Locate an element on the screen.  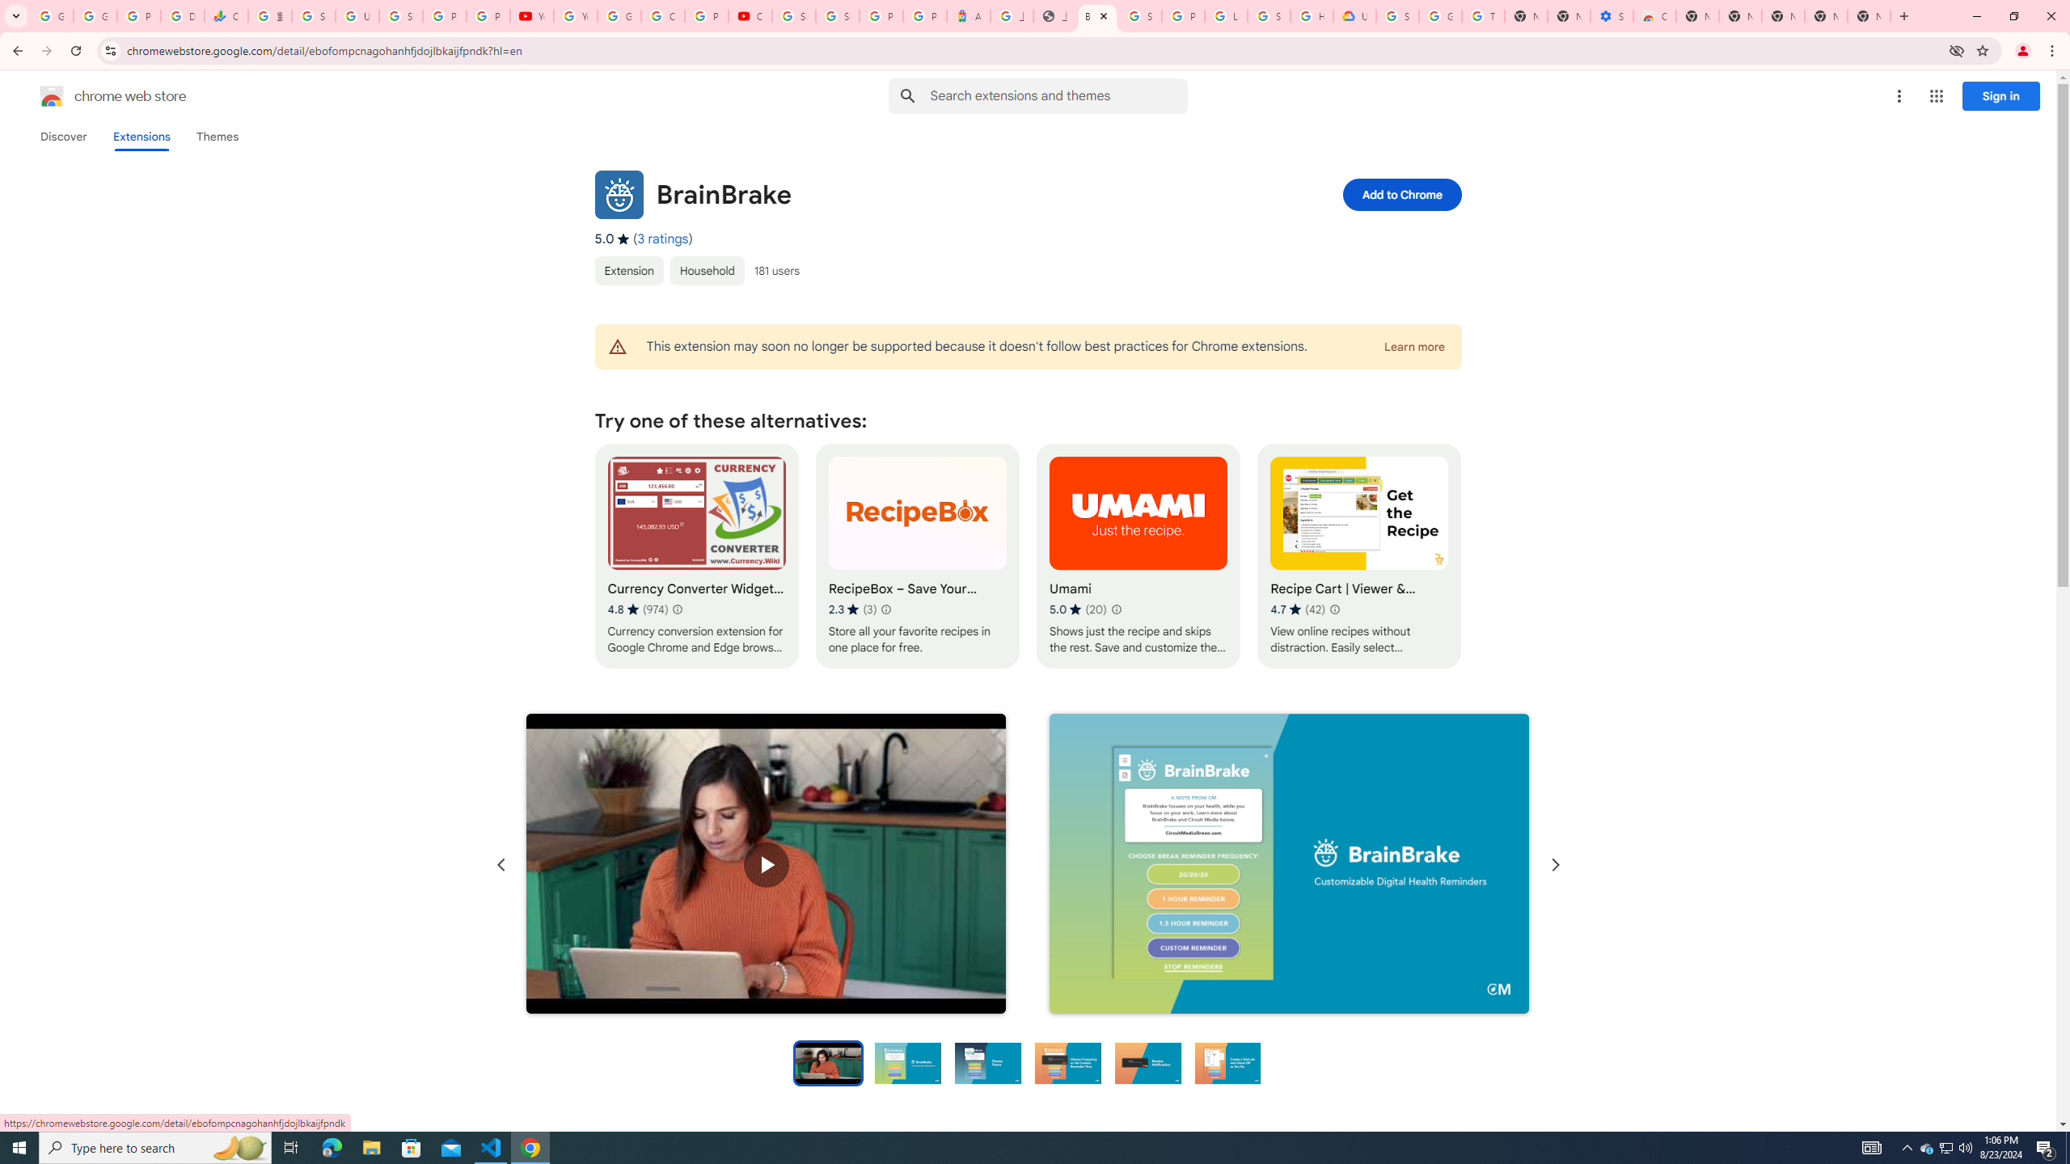
'Themes' is located at coordinates (217, 136).